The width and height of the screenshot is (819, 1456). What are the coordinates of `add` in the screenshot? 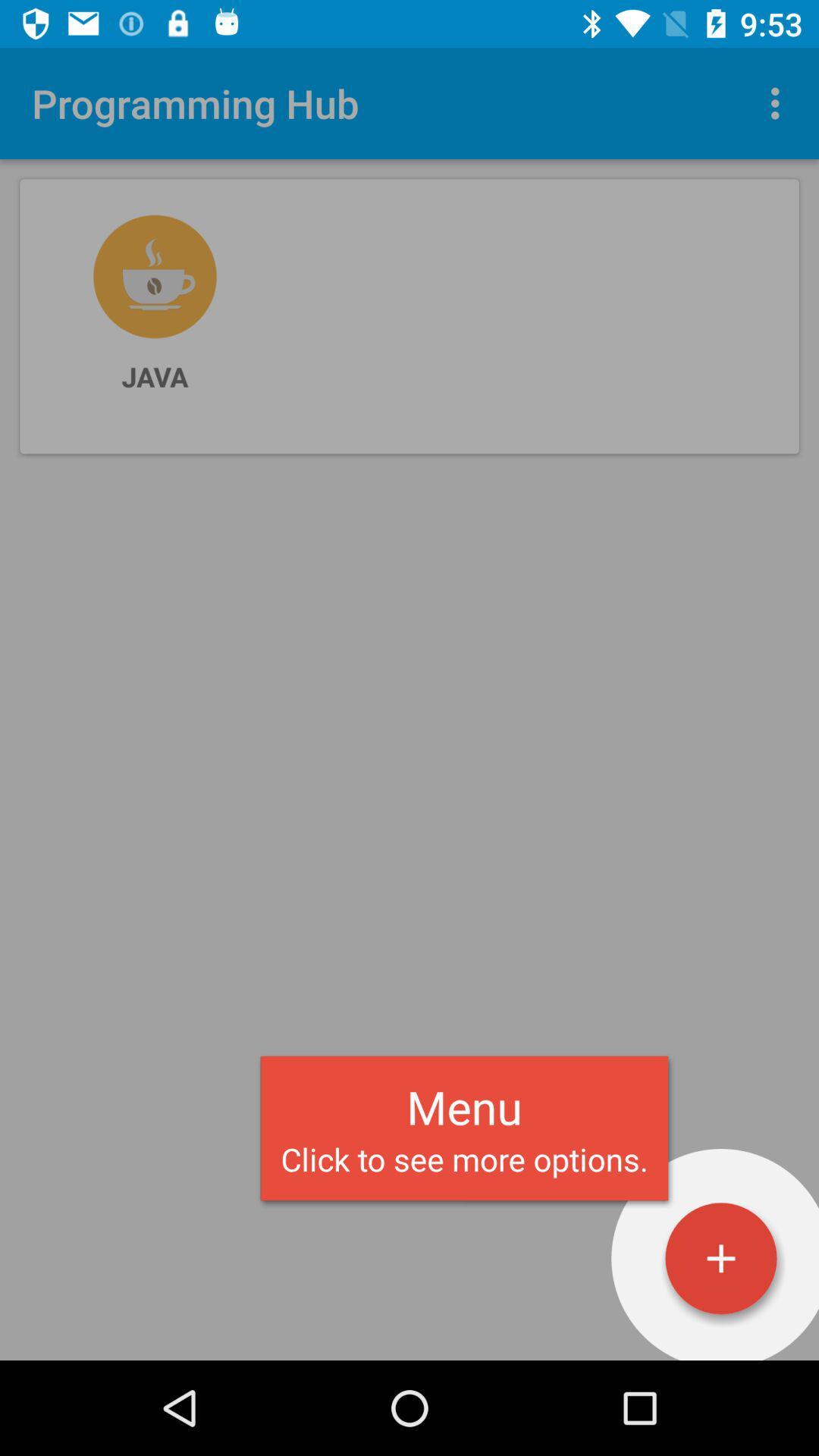 It's located at (720, 1258).